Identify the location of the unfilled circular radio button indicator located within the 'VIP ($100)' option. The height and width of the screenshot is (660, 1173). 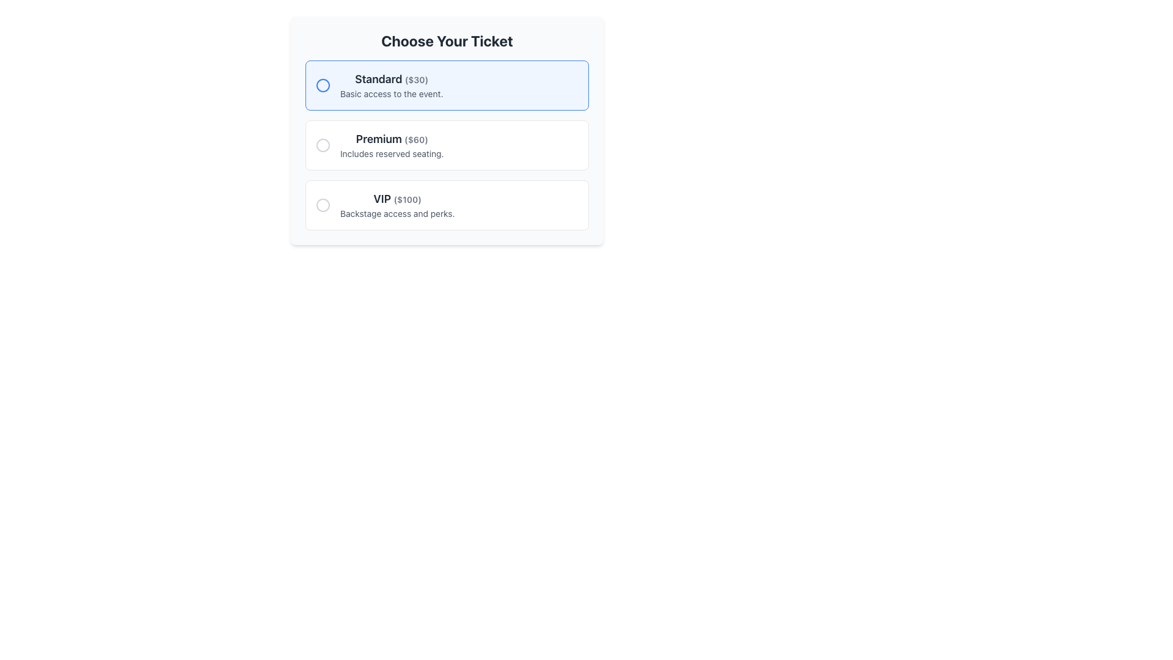
(323, 204).